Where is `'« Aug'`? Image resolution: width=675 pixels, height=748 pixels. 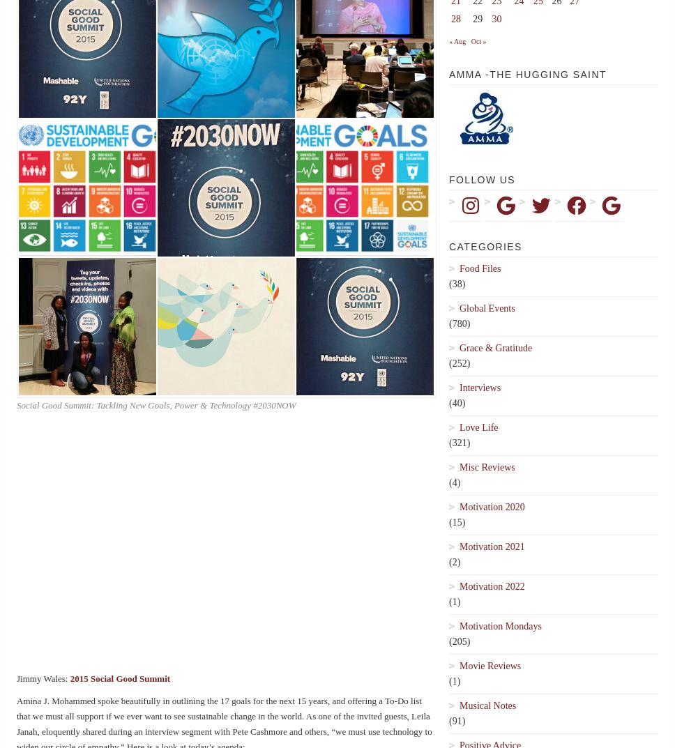 '« Aug' is located at coordinates (457, 40).